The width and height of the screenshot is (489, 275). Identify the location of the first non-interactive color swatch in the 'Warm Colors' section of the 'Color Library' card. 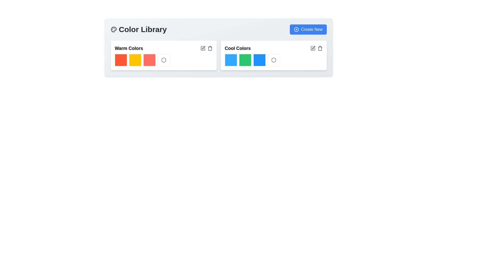
(120, 60).